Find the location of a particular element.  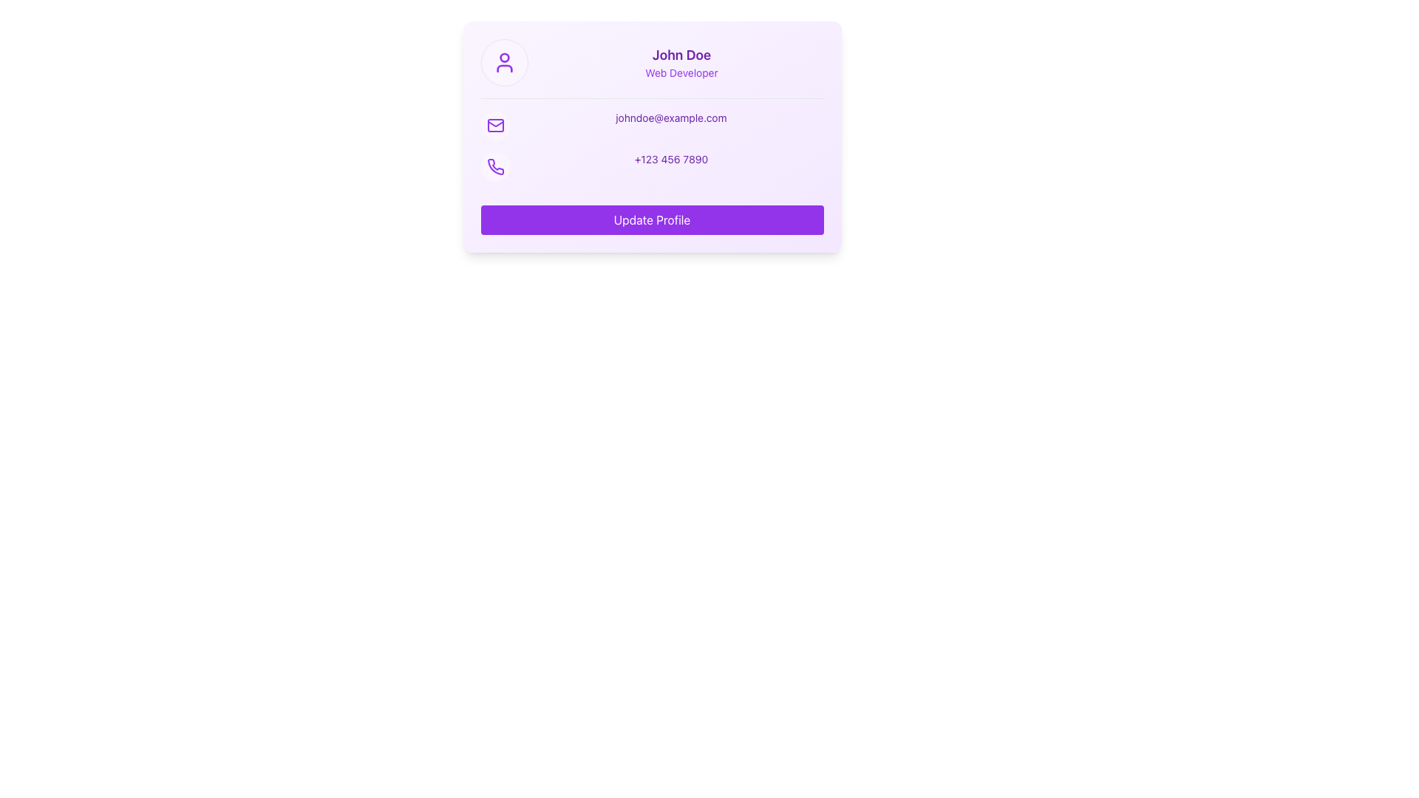

the Profile header containing the user information display for 'John Doe', which includes the user icon on the left and the name and title in bold purple text on the right is located at coordinates (651, 69).